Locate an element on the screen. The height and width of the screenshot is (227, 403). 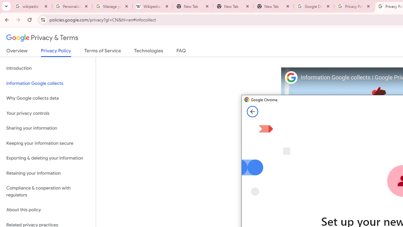
'Terms of Service' is located at coordinates (103, 52).